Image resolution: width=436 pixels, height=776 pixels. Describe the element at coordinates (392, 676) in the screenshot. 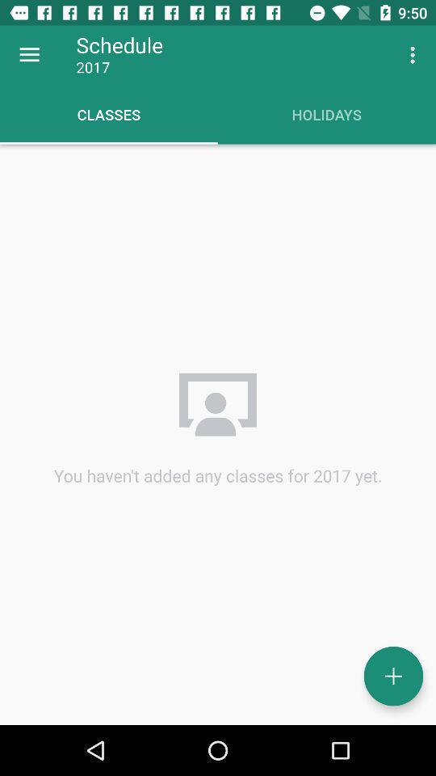

I see `a class` at that location.